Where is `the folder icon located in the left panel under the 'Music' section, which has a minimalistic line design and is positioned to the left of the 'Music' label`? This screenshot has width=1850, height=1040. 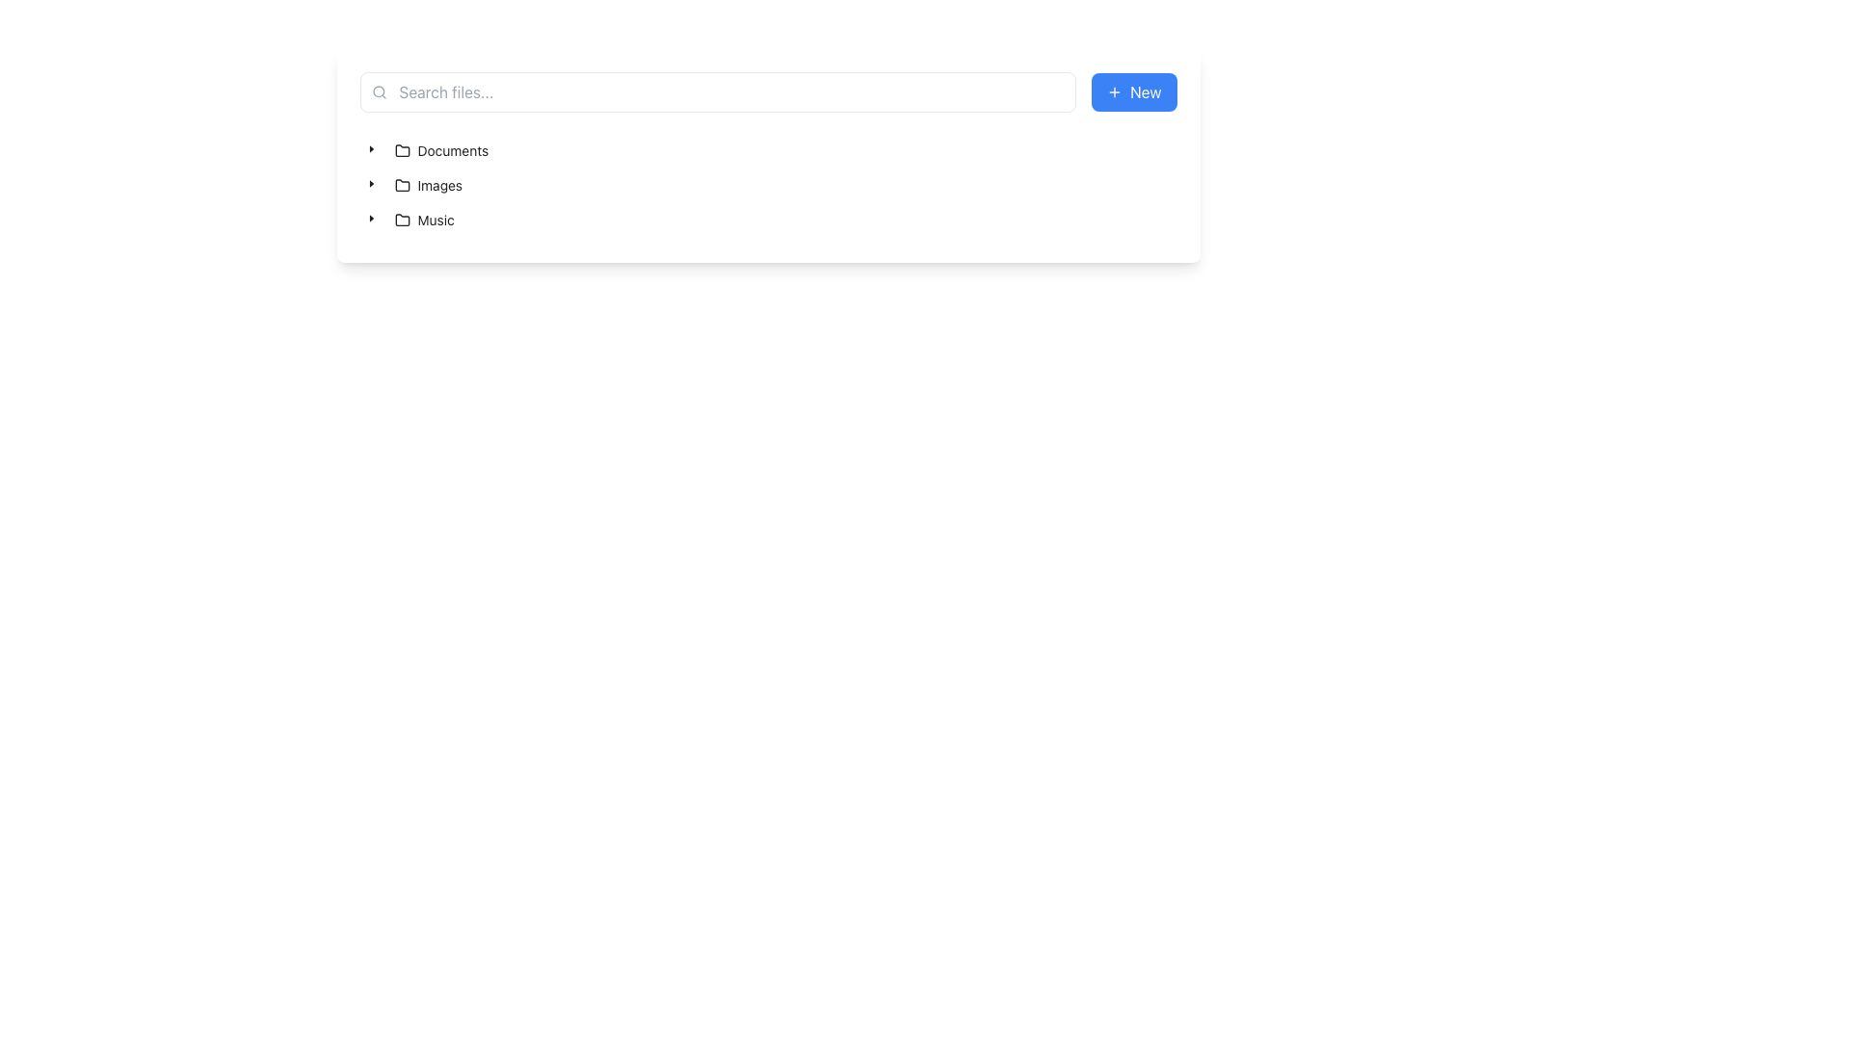
the folder icon located in the left panel under the 'Music' section, which has a minimalistic line design and is positioned to the left of the 'Music' label is located at coordinates (401, 219).